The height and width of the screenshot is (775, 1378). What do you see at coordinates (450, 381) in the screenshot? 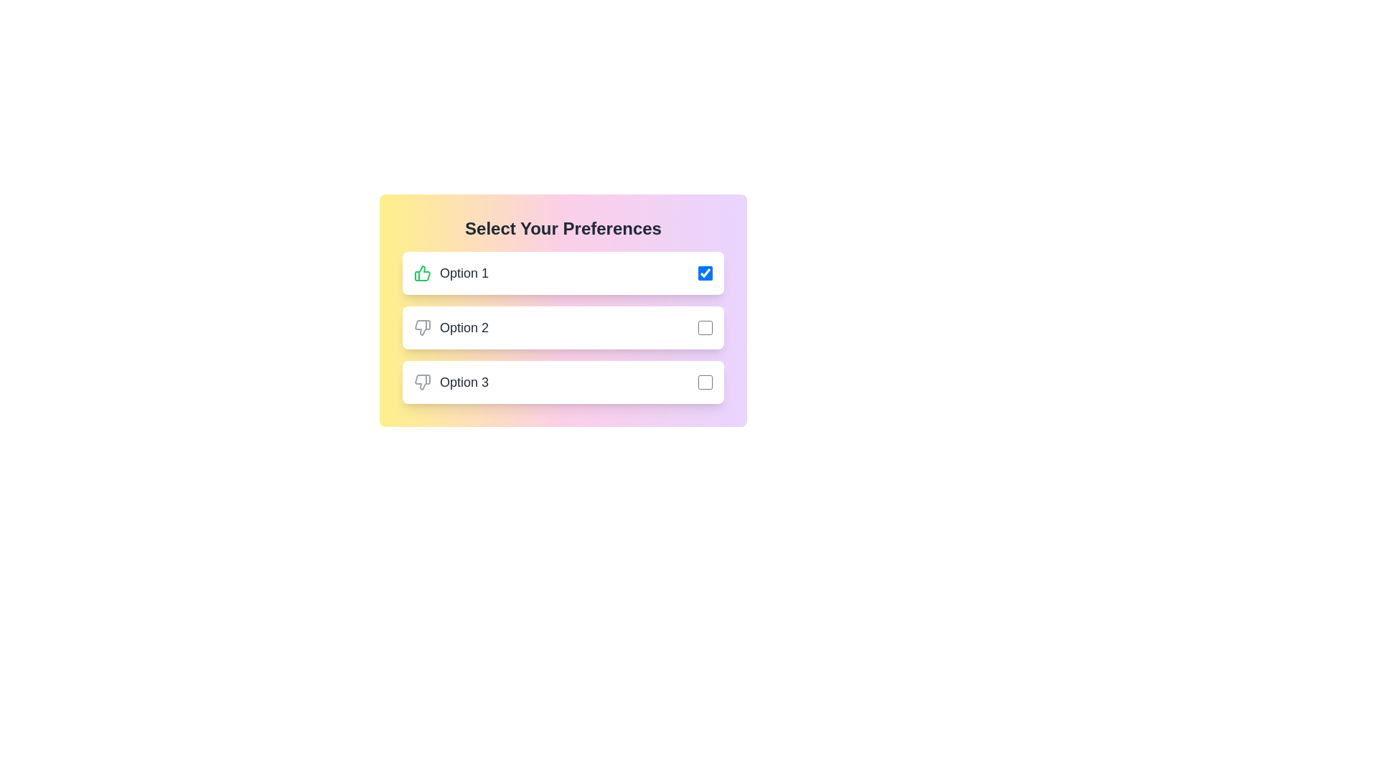
I see `the label for the third preference option in the selection interface, which is positioned beneath 'Option 2' and above a checkbox` at bounding box center [450, 381].